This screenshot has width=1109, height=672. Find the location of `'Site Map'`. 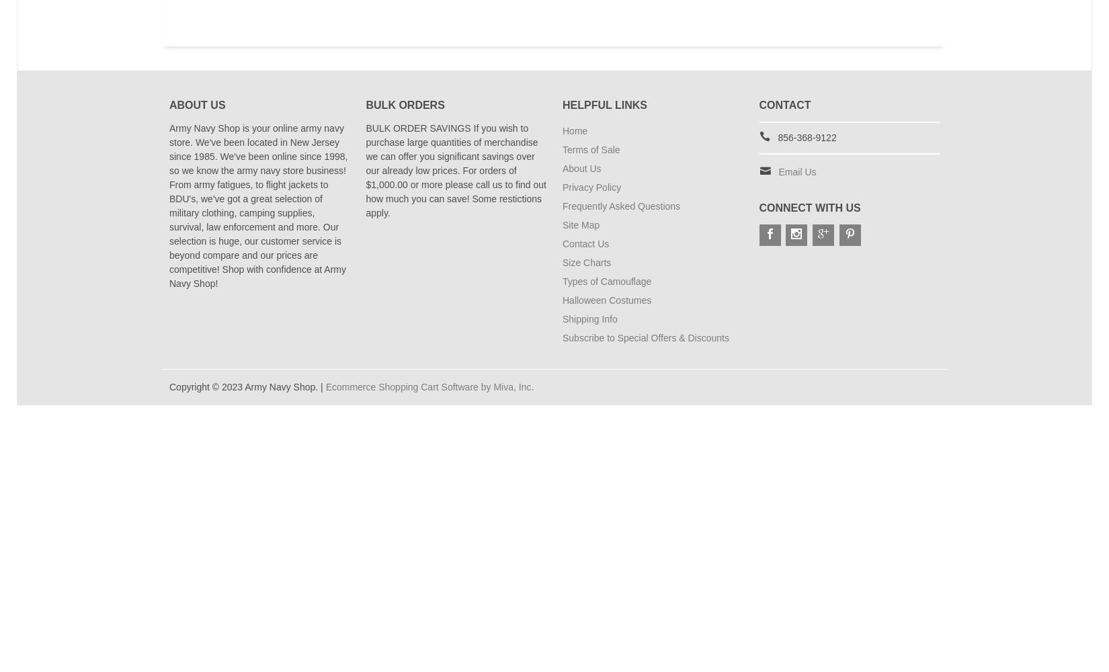

'Site Map' is located at coordinates (581, 224).